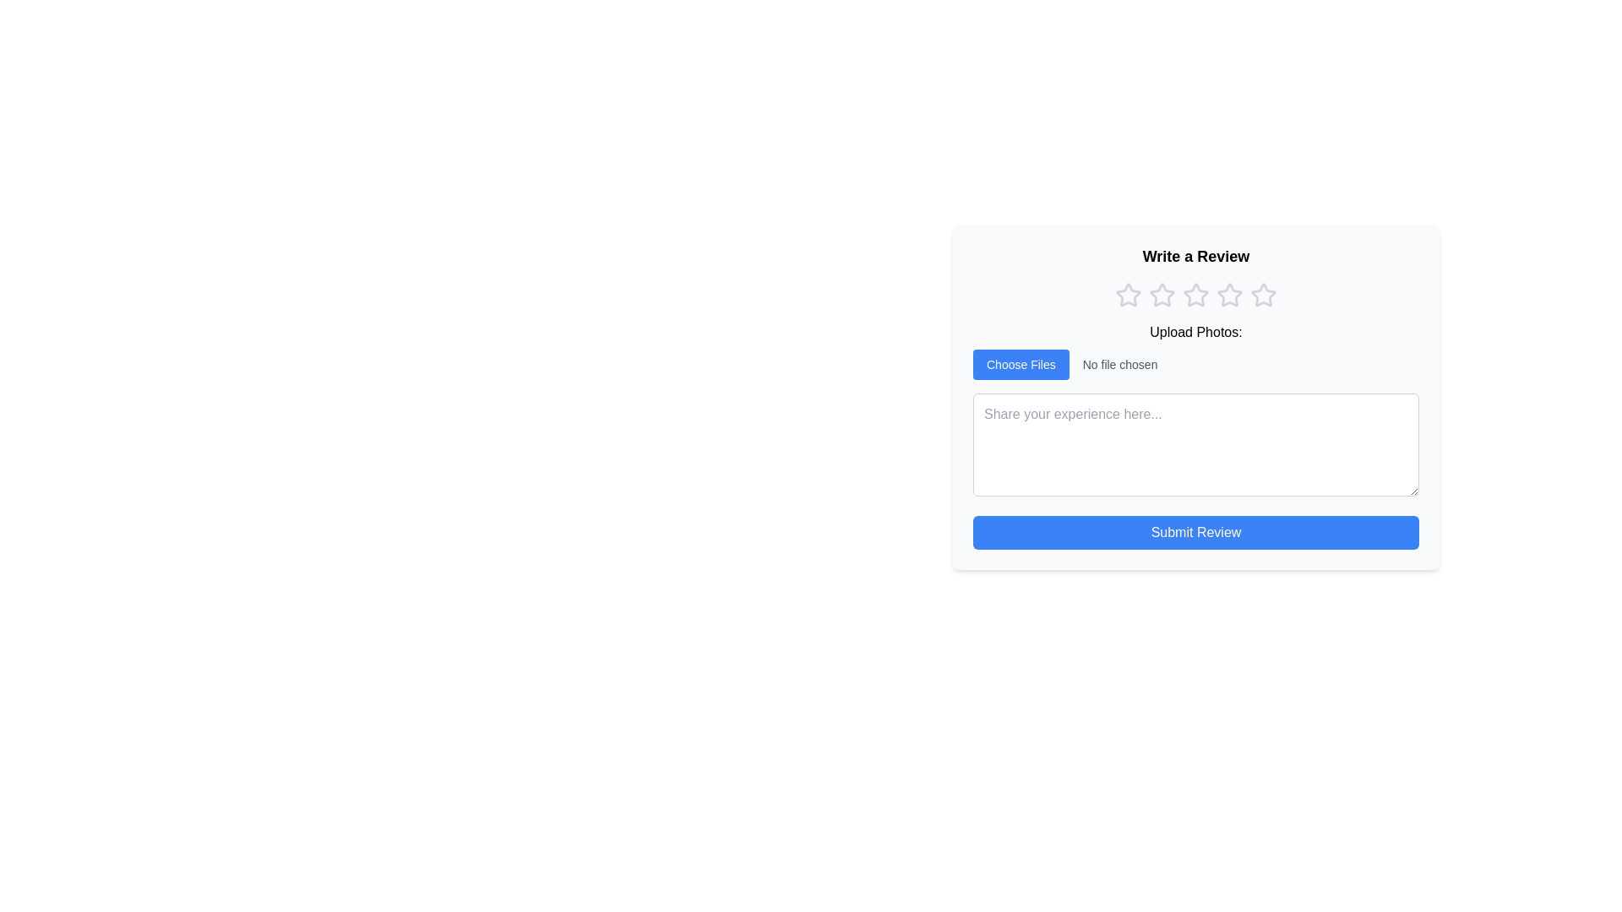  Describe the element at coordinates (1195, 294) in the screenshot. I see `the third star in the rating interface` at that location.